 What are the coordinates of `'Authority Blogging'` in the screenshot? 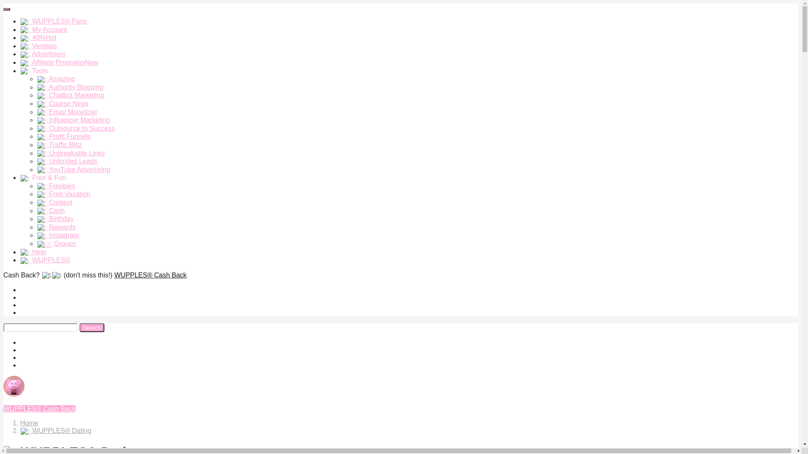 It's located at (70, 87).